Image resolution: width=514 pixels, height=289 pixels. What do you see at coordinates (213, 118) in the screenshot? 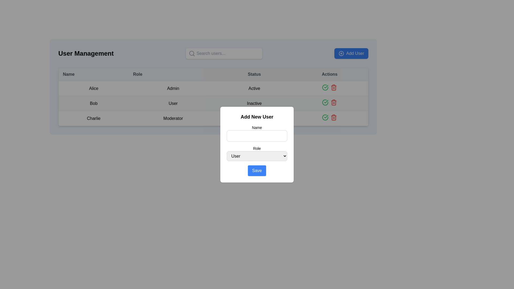
I see `the third row in the table containing the texts 'Charlie', 'Moderator', and 'Active'` at bounding box center [213, 118].